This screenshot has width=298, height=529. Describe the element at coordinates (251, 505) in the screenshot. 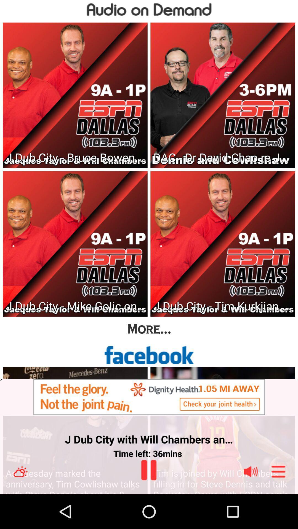

I see `the volume icon` at that location.